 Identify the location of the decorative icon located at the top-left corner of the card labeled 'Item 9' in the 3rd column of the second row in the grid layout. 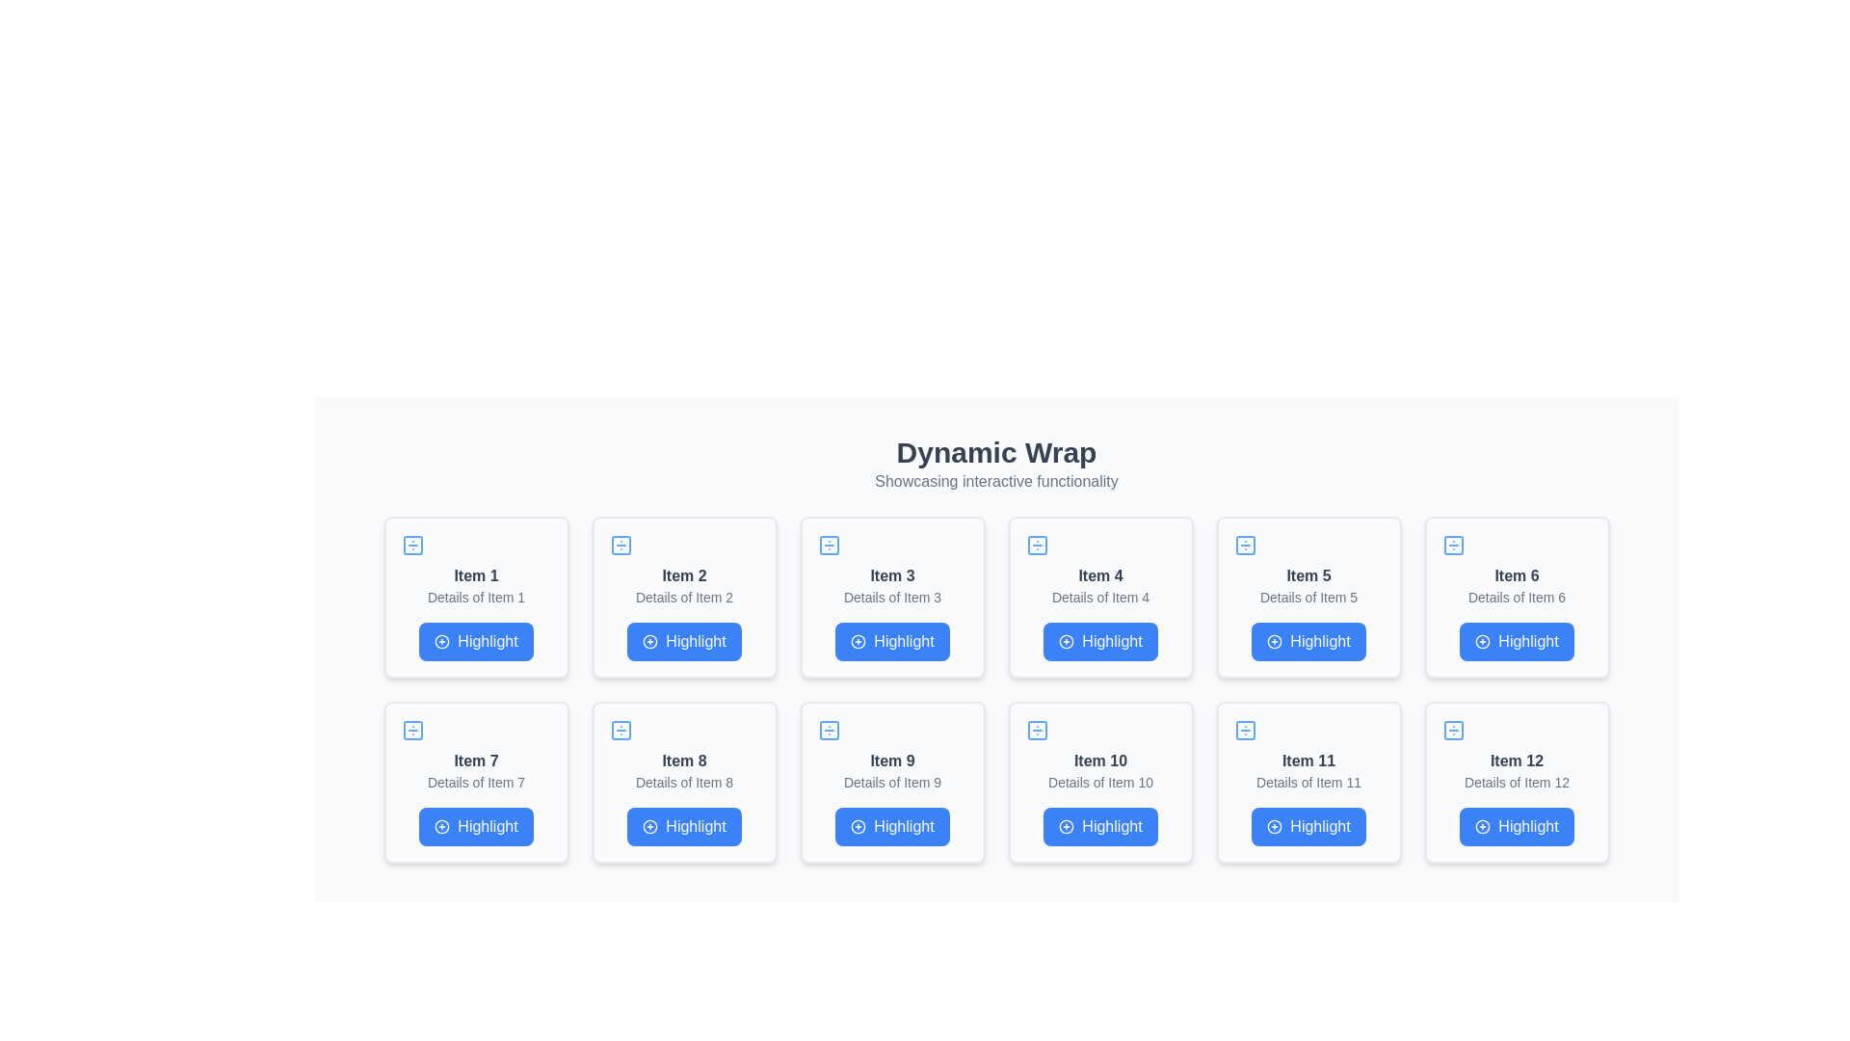
(829, 731).